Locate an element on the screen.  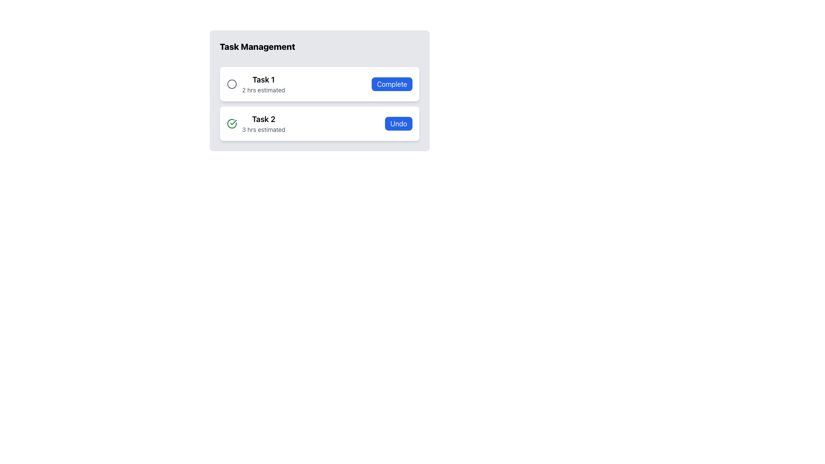
the text label displaying '2 hrs estimated' in a smaller gray font, located below the 'Task 1' title in the first task card is located at coordinates (263, 90).